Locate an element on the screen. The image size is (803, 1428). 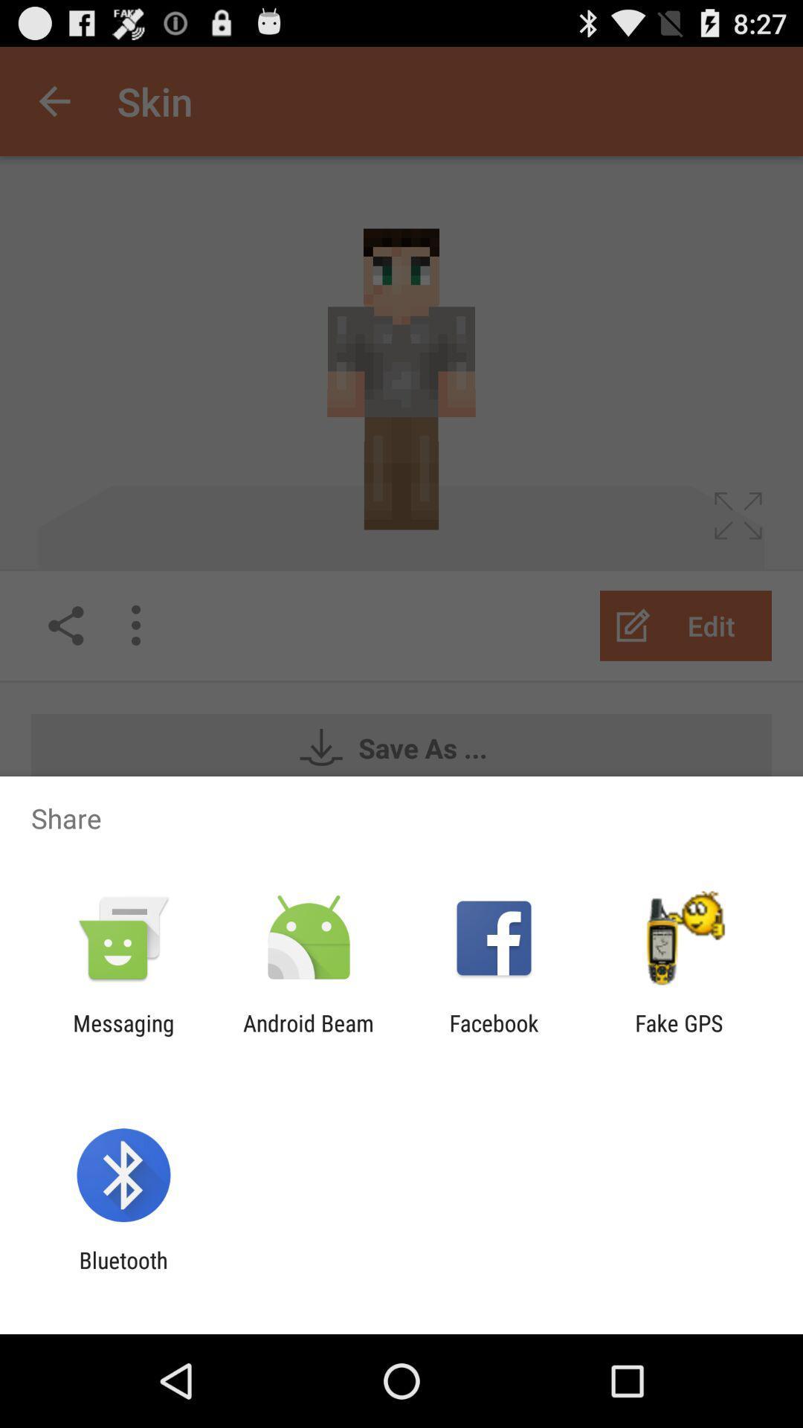
the app to the right of the facebook app is located at coordinates (679, 1035).